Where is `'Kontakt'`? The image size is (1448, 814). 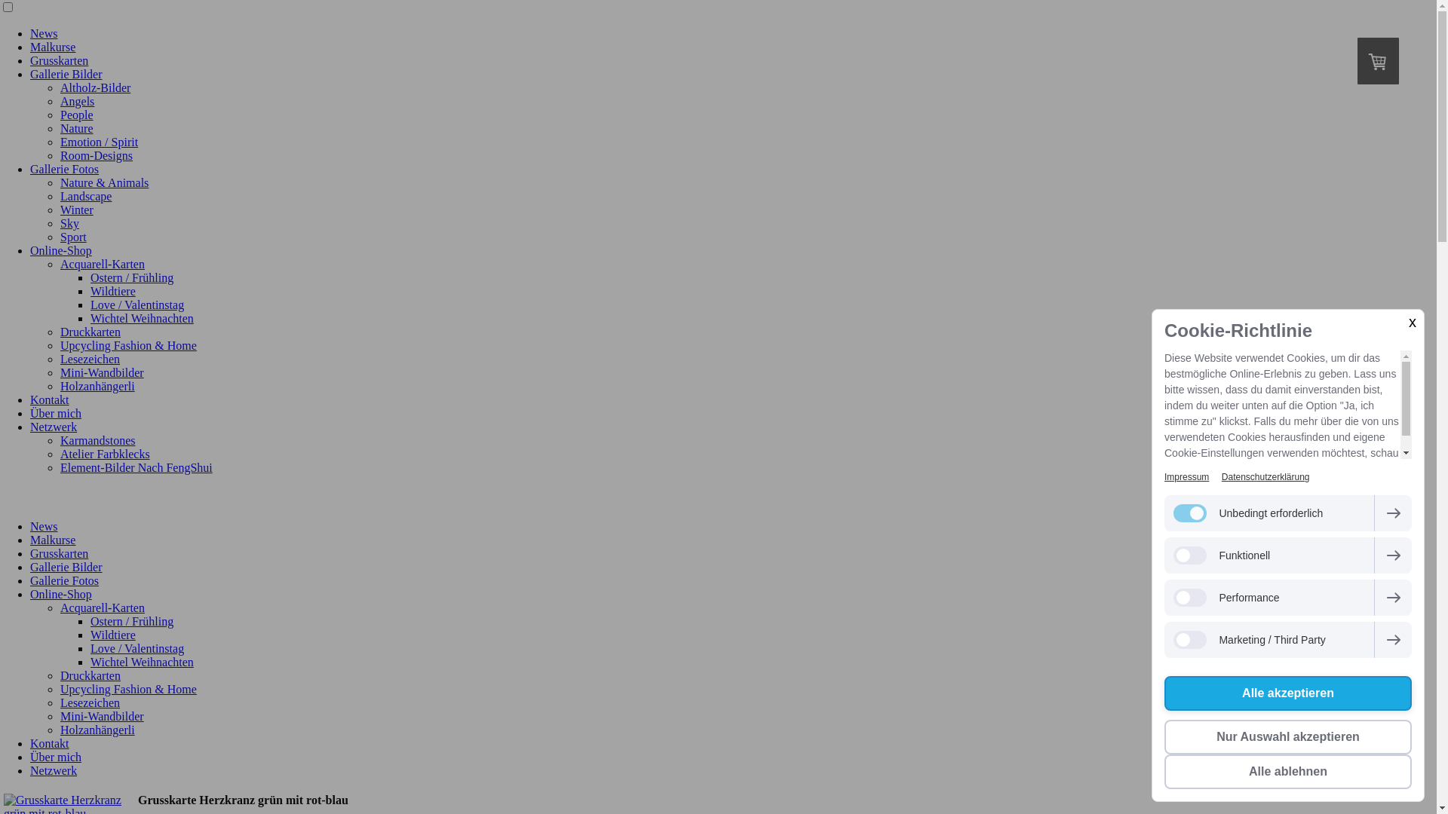 'Kontakt' is located at coordinates (50, 742).